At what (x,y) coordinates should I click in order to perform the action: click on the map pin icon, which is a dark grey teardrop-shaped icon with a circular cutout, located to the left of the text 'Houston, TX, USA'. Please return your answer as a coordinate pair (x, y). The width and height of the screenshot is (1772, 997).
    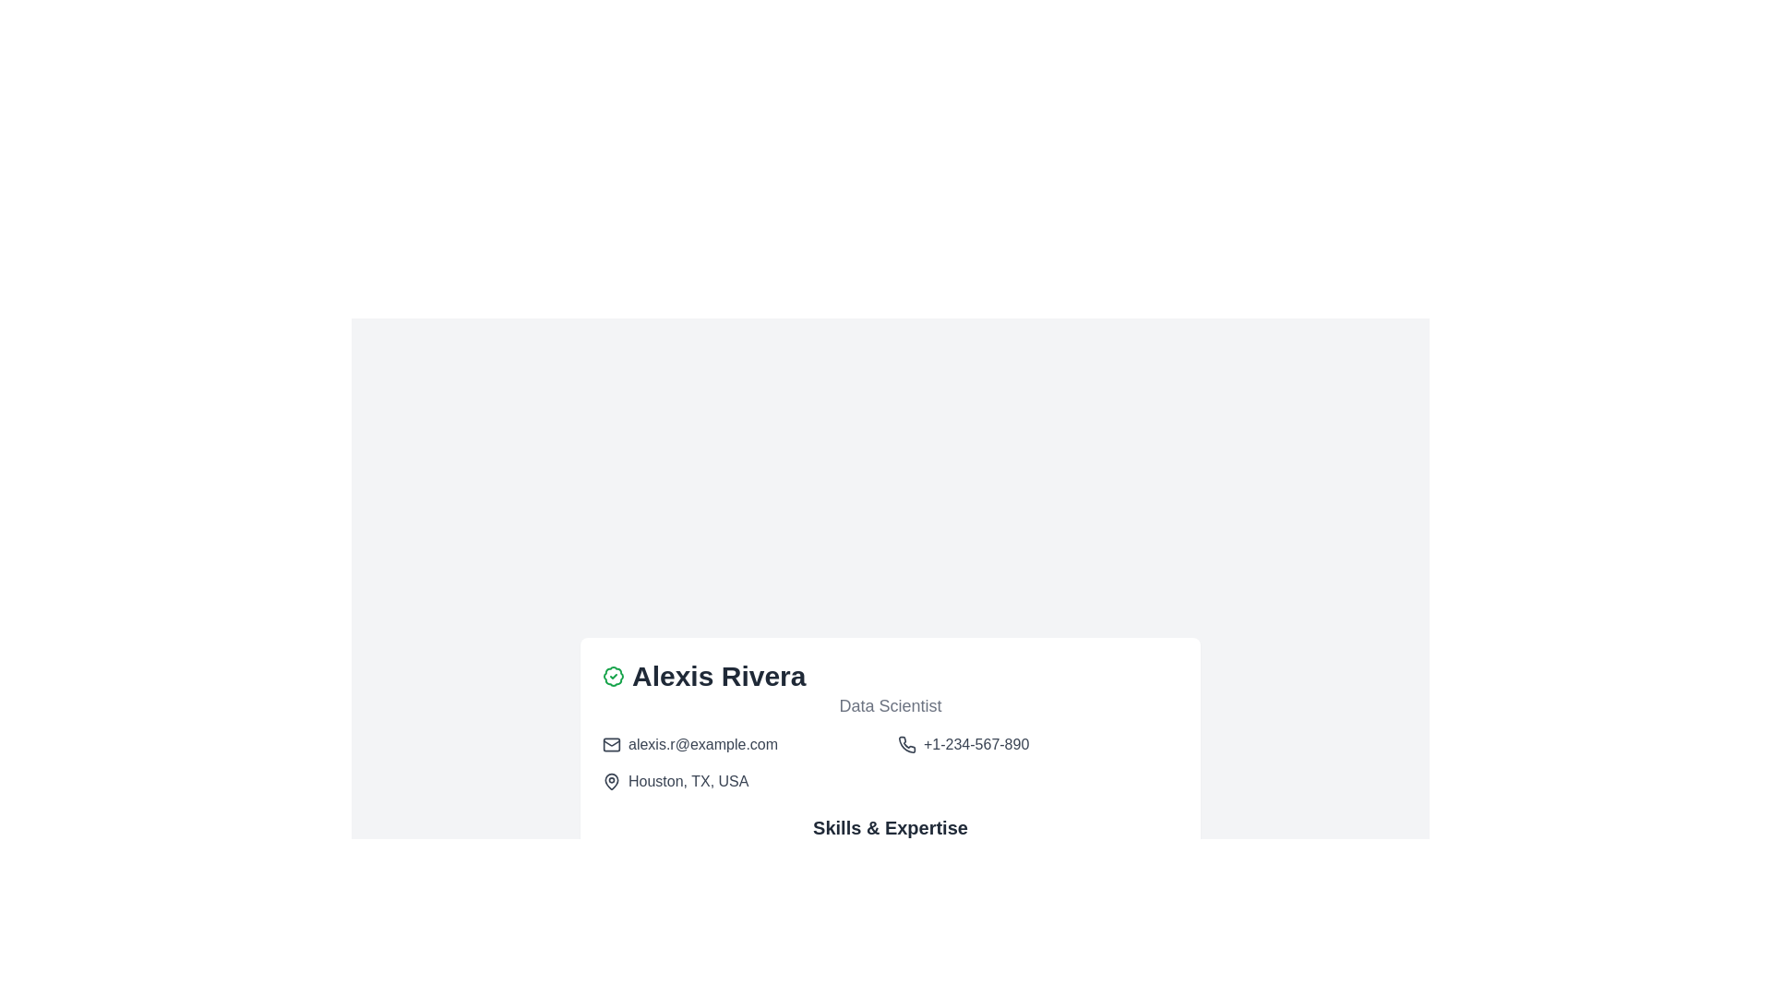
    Looking at the image, I should click on (611, 782).